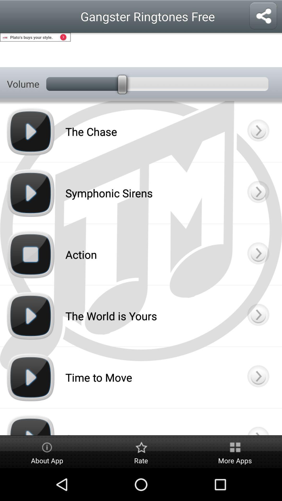 Image resolution: width=282 pixels, height=501 pixels. What do you see at coordinates (258, 422) in the screenshot?
I see `show track details` at bounding box center [258, 422].